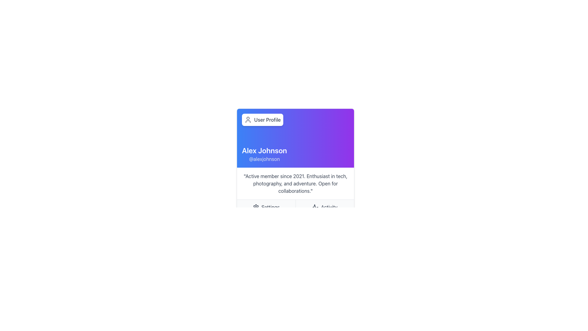  What do you see at coordinates (295, 183) in the screenshot?
I see `the descriptive text block that provides additional information about the user, located below the name and username section in the user profile area` at bounding box center [295, 183].